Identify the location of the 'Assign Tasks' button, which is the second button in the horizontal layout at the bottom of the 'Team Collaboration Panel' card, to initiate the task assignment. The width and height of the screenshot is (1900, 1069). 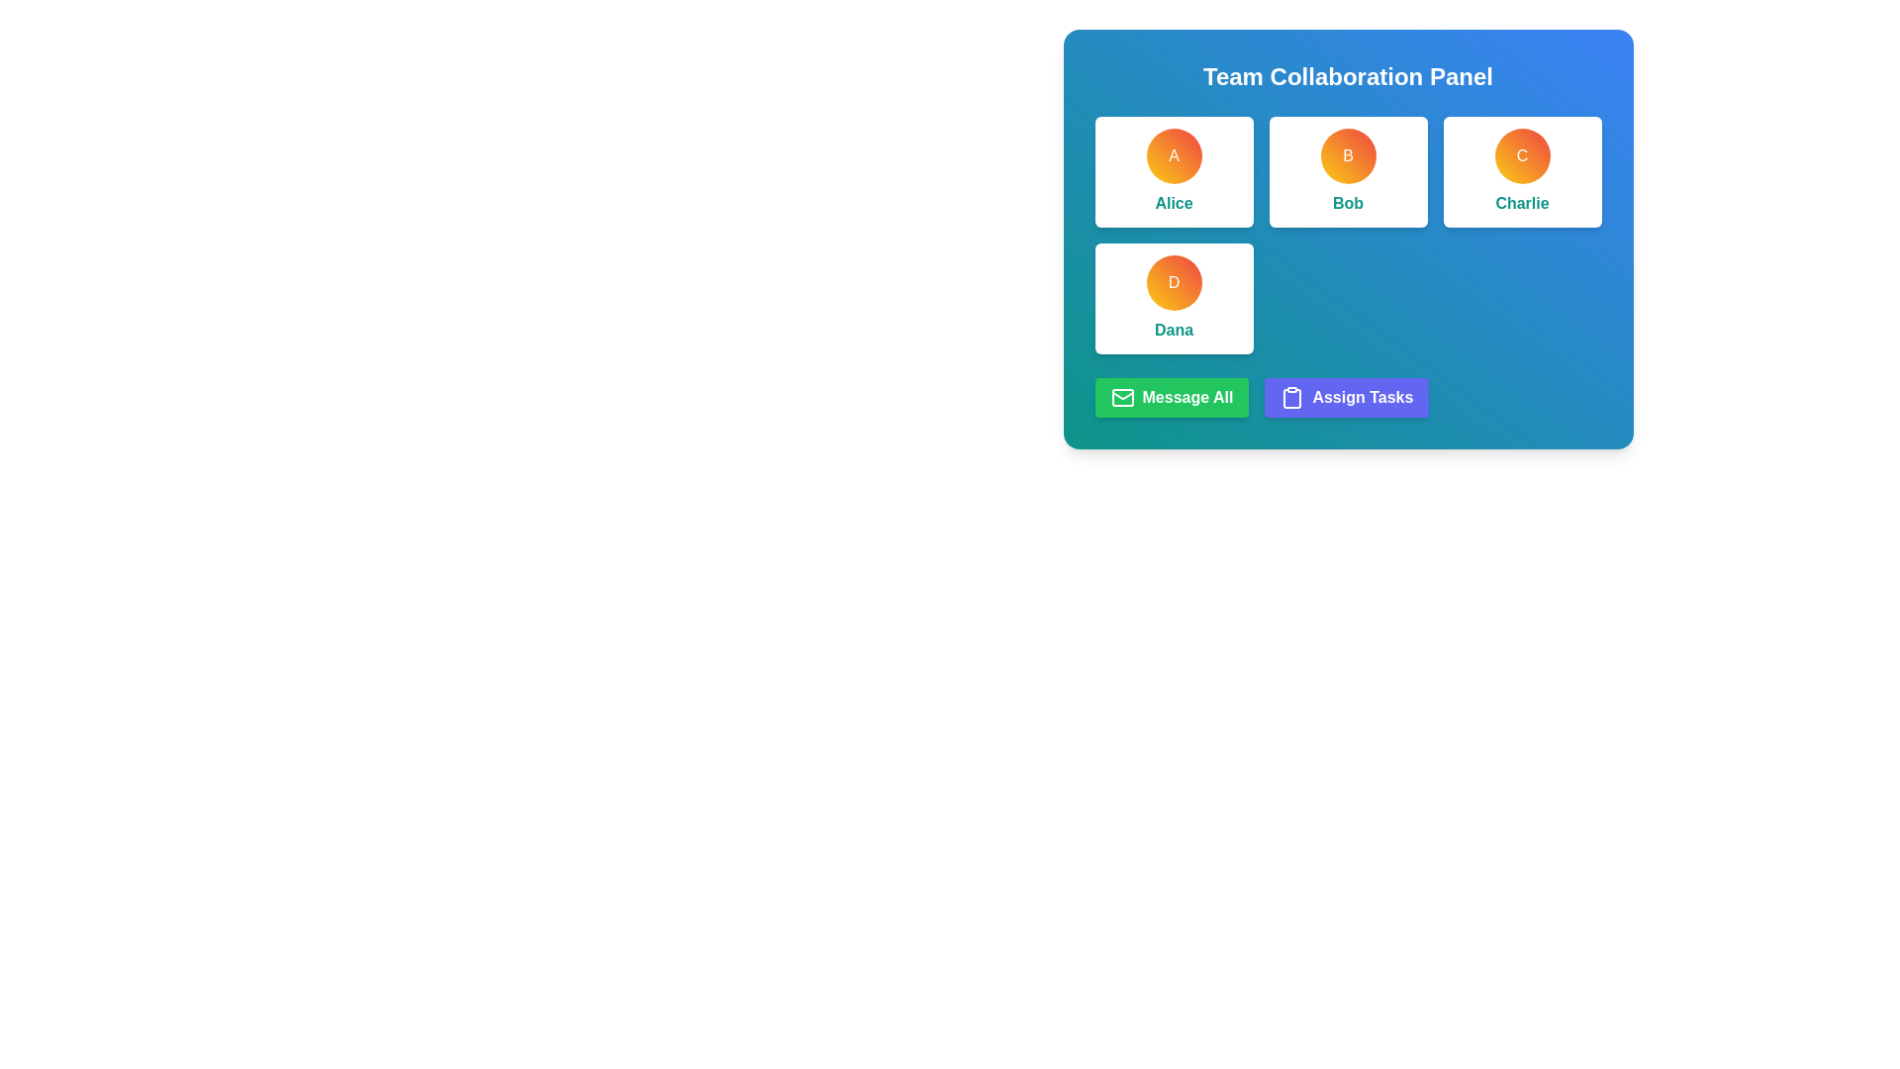
(1346, 397).